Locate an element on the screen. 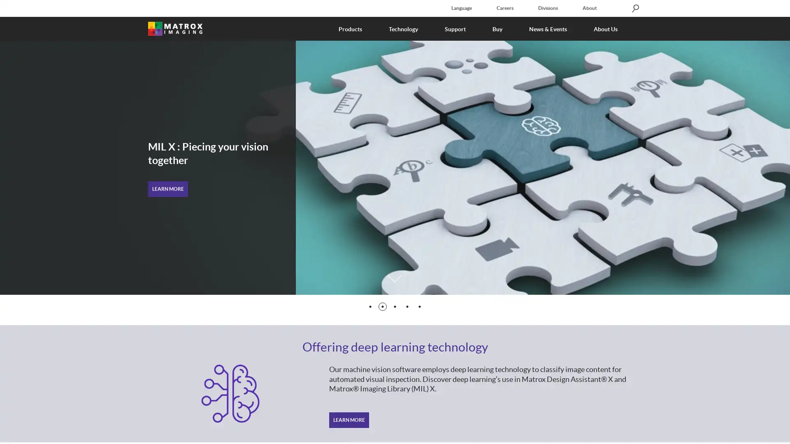  5 is located at coordinates (419, 306).